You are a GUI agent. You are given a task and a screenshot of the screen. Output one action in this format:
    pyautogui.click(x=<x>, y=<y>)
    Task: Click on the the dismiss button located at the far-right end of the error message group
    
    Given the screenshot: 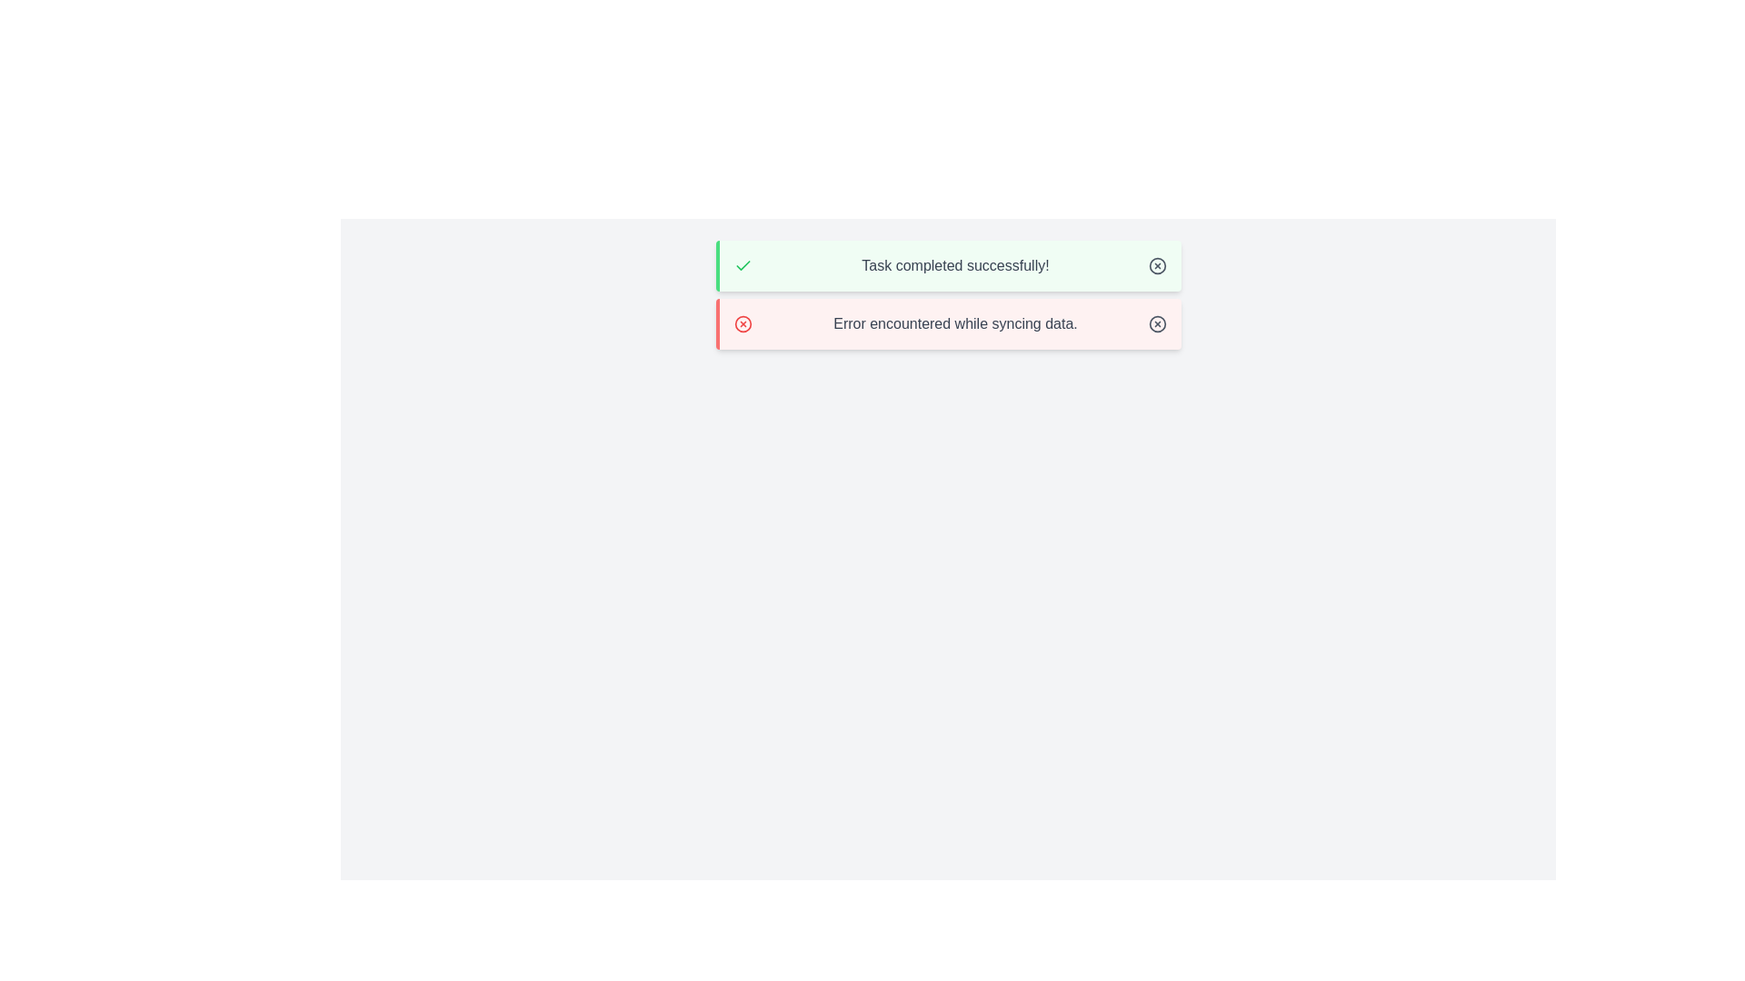 What is the action you would take?
    pyautogui.click(x=1156, y=323)
    